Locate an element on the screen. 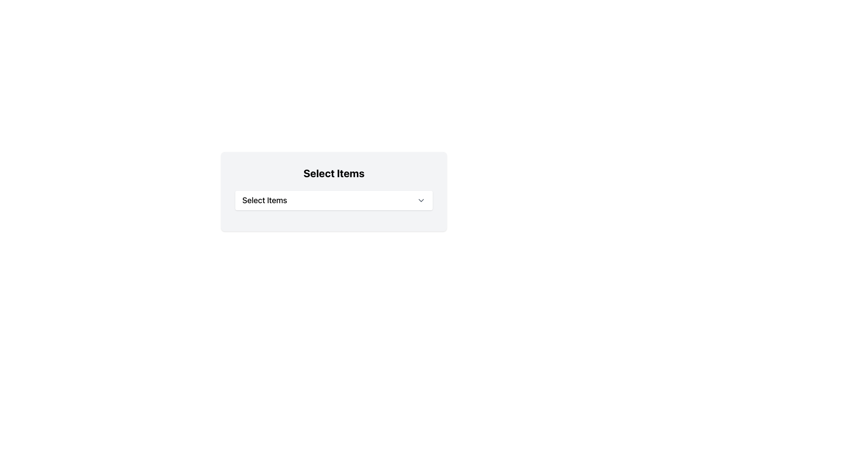 The image size is (846, 476). the downward-pointing chevron SVG icon next to the 'Select Items' text is located at coordinates (420, 201).